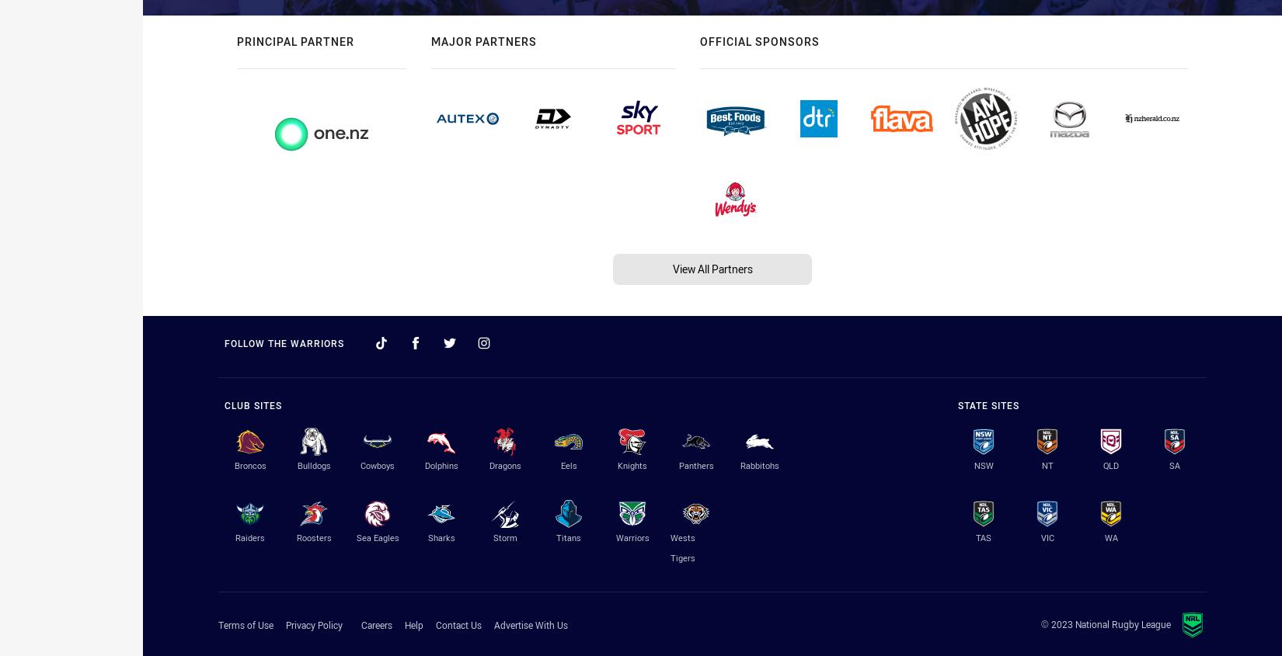 The image size is (1282, 656). I want to click on 'Sharks', so click(440, 536).